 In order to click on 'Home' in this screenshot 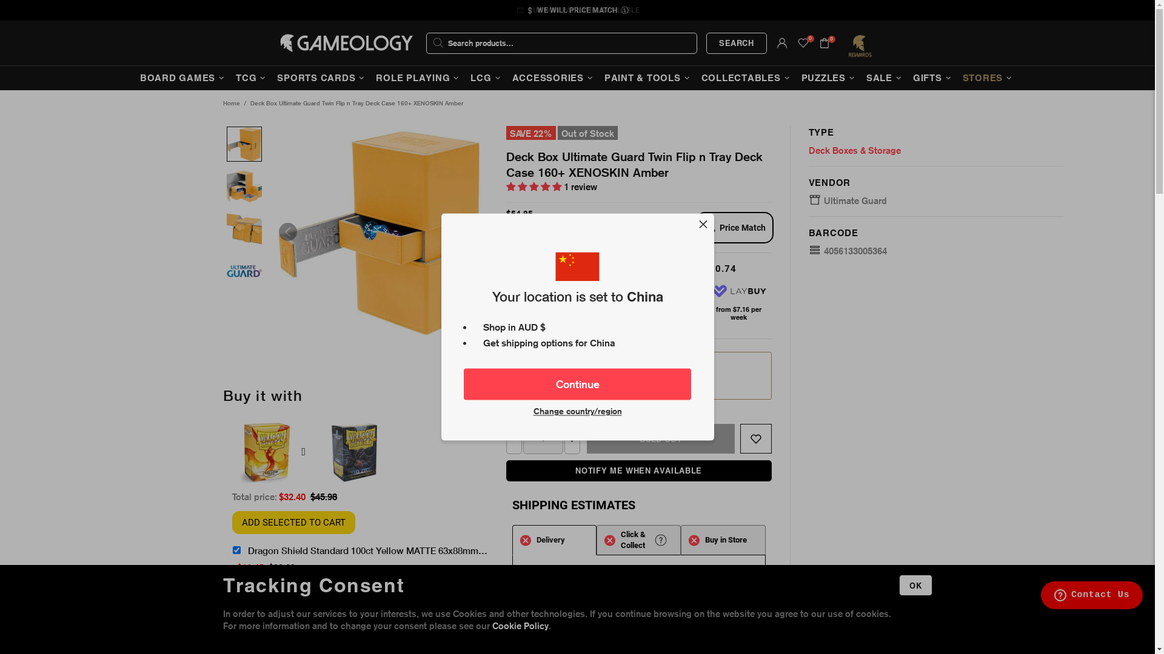, I will do `click(230, 102)`.